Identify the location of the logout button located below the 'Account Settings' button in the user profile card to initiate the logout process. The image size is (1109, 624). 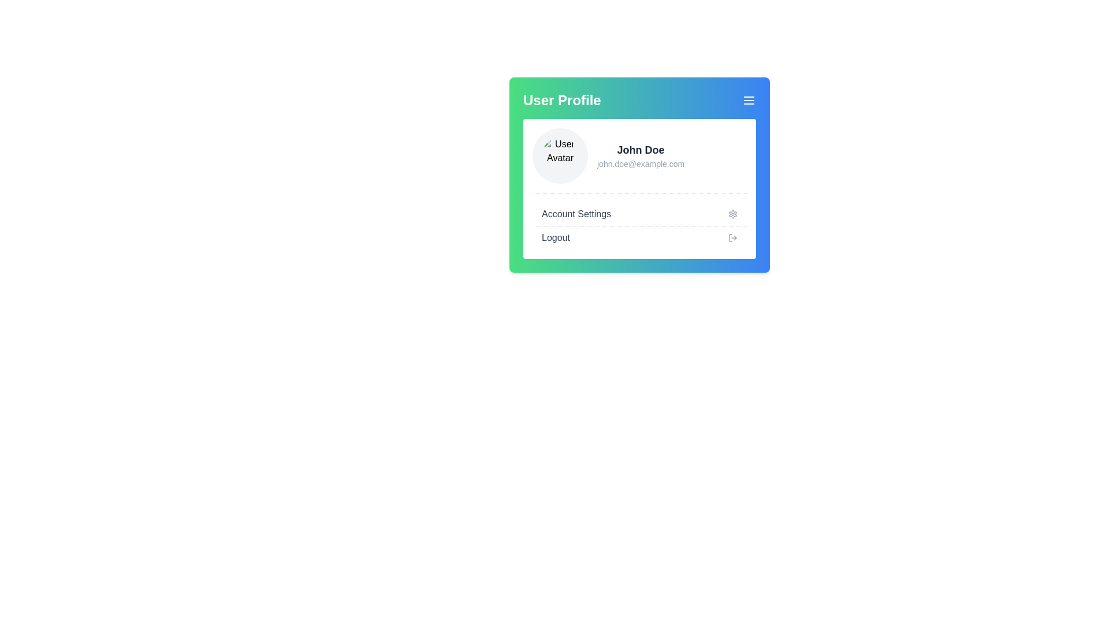
(639, 237).